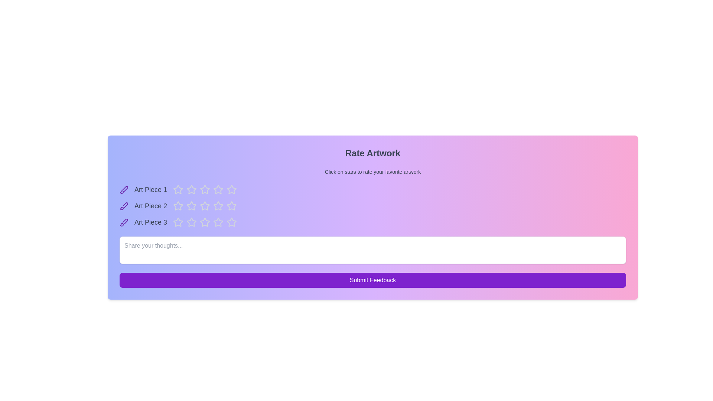  Describe the element at coordinates (372, 280) in the screenshot. I see `the 'Submit Feedback' button` at that location.